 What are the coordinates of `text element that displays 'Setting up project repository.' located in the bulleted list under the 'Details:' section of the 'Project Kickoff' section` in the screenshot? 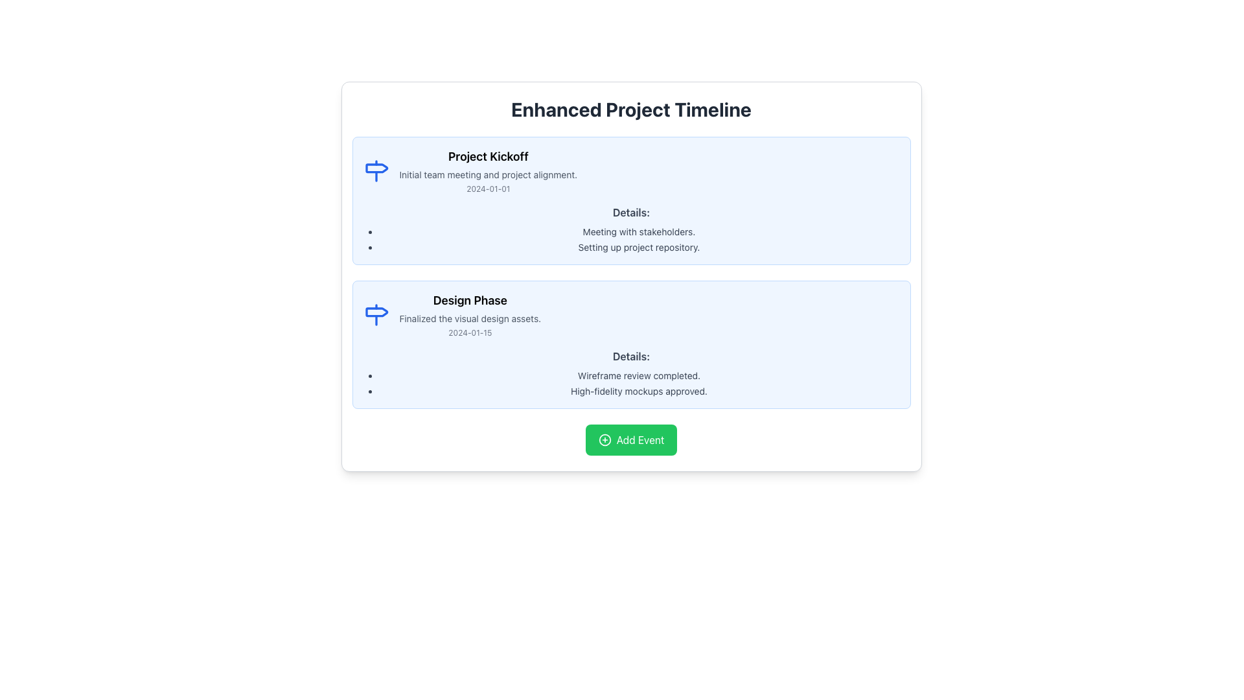 It's located at (639, 247).